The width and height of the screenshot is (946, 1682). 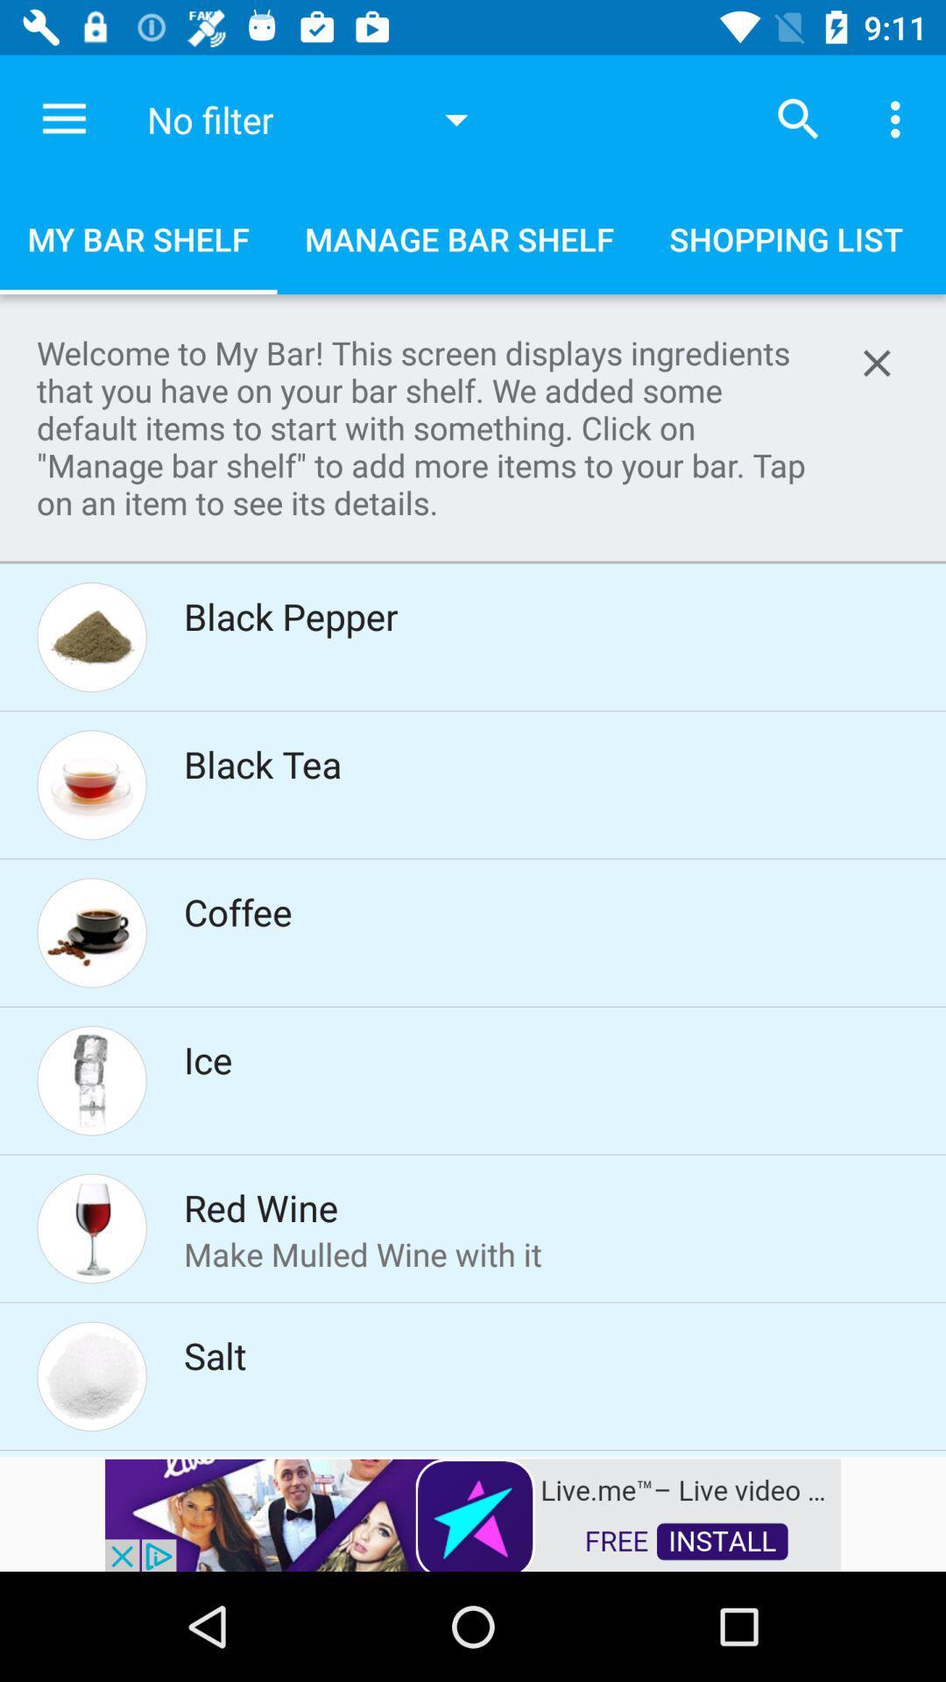 I want to click on the image positioned left to black tea, so click(x=91, y=784).